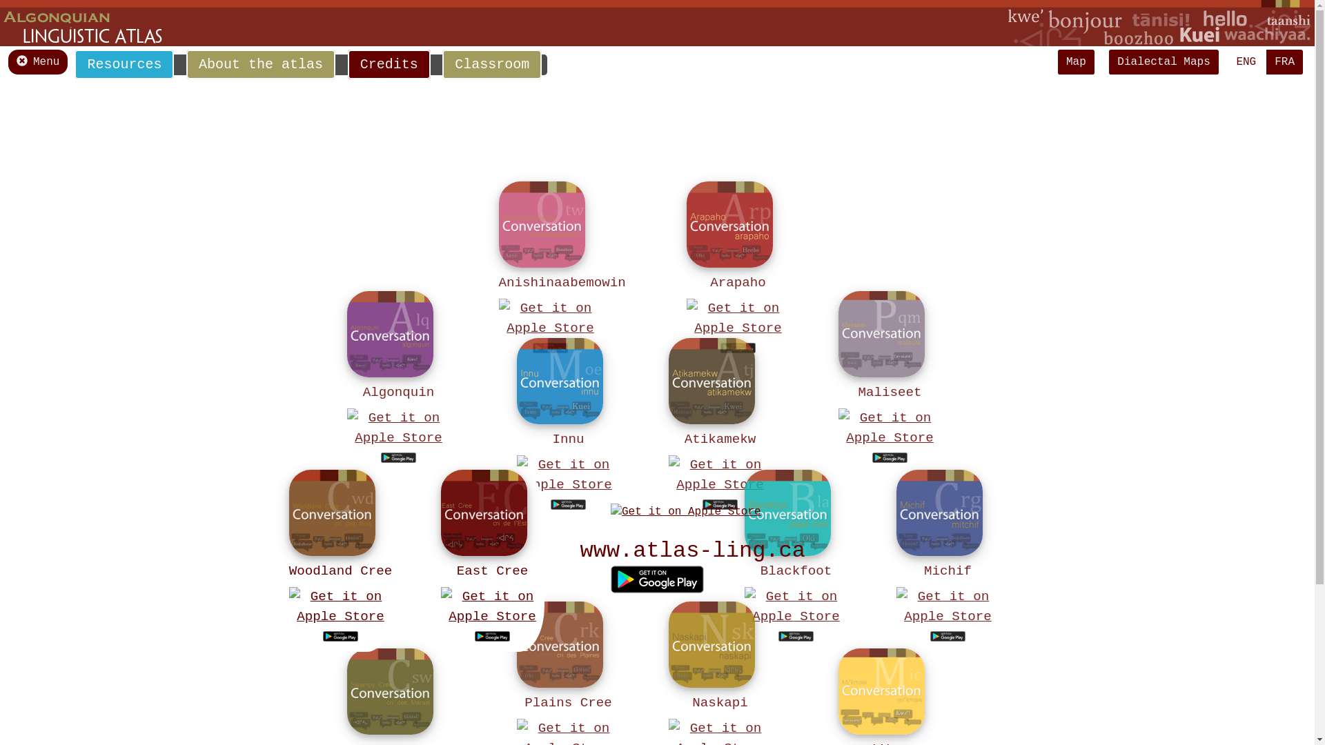 This screenshot has height=745, width=1325. What do you see at coordinates (1075, 61) in the screenshot?
I see `'Map'` at bounding box center [1075, 61].